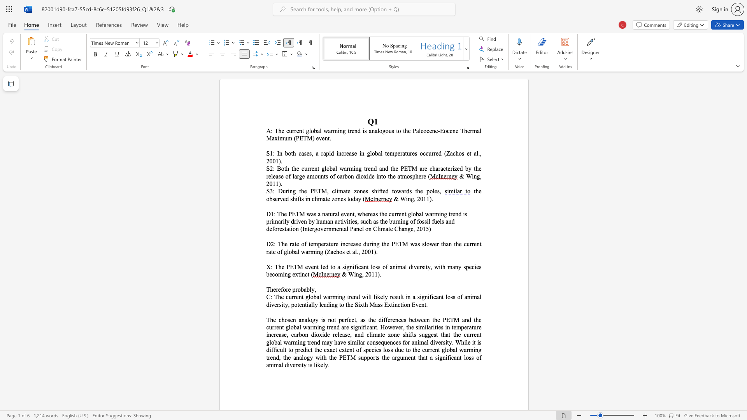 The width and height of the screenshot is (747, 420). I want to click on the 2th character "c" in the text, so click(352, 319).